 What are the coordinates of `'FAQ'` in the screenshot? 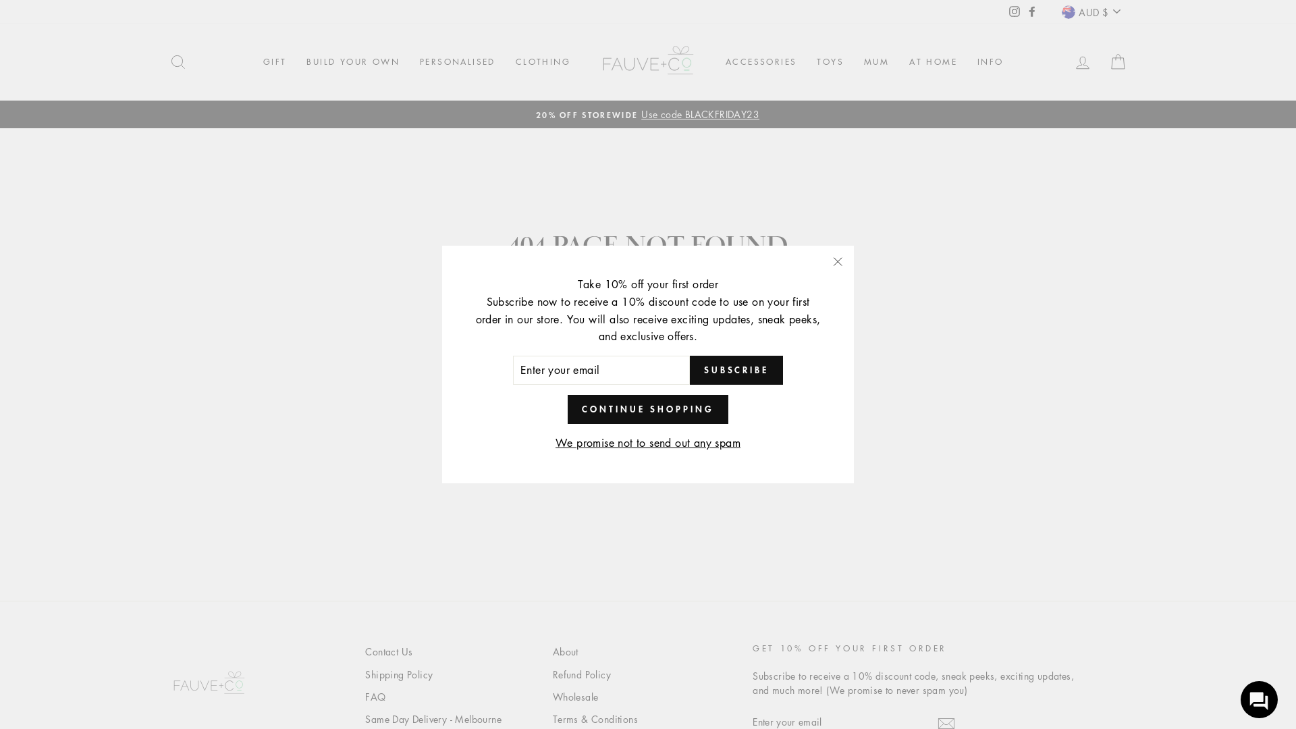 It's located at (375, 697).